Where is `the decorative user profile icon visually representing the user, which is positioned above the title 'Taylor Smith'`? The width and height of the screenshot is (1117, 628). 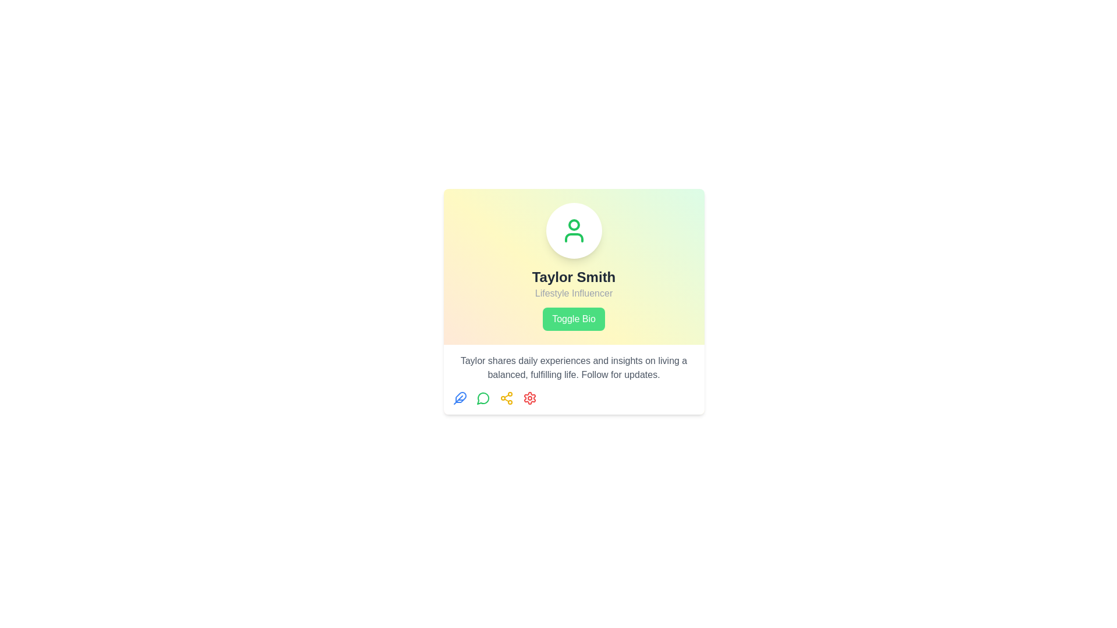
the decorative user profile icon visually representing the user, which is positioned above the title 'Taylor Smith' is located at coordinates (574, 231).